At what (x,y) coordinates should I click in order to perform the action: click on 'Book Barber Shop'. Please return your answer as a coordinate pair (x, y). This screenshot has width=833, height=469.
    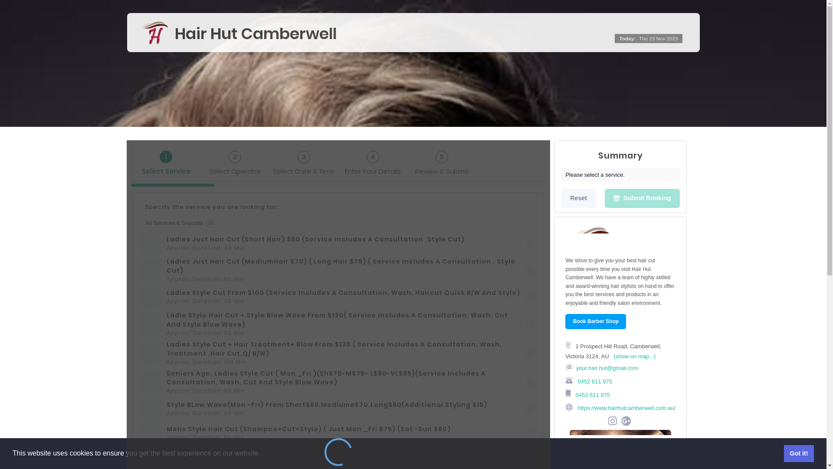
    Looking at the image, I should click on (595, 321).